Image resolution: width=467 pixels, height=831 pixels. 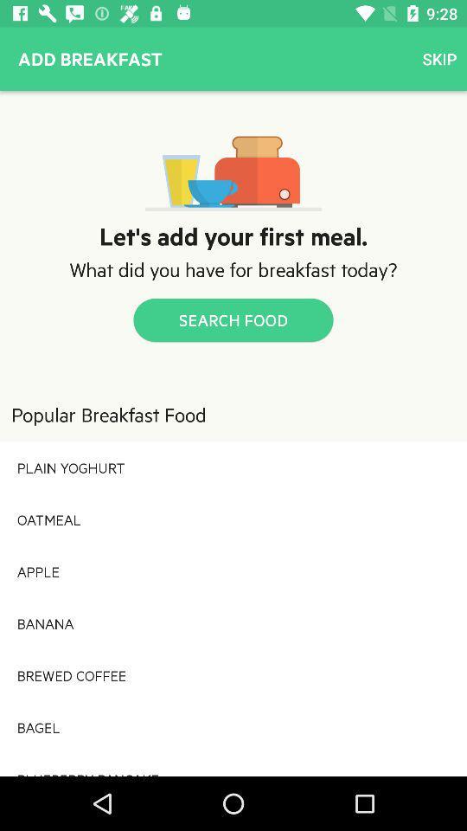 What do you see at coordinates (233, 763) in the screenshot?
I see `blueberry pancake` at bounding box center [233, 763].